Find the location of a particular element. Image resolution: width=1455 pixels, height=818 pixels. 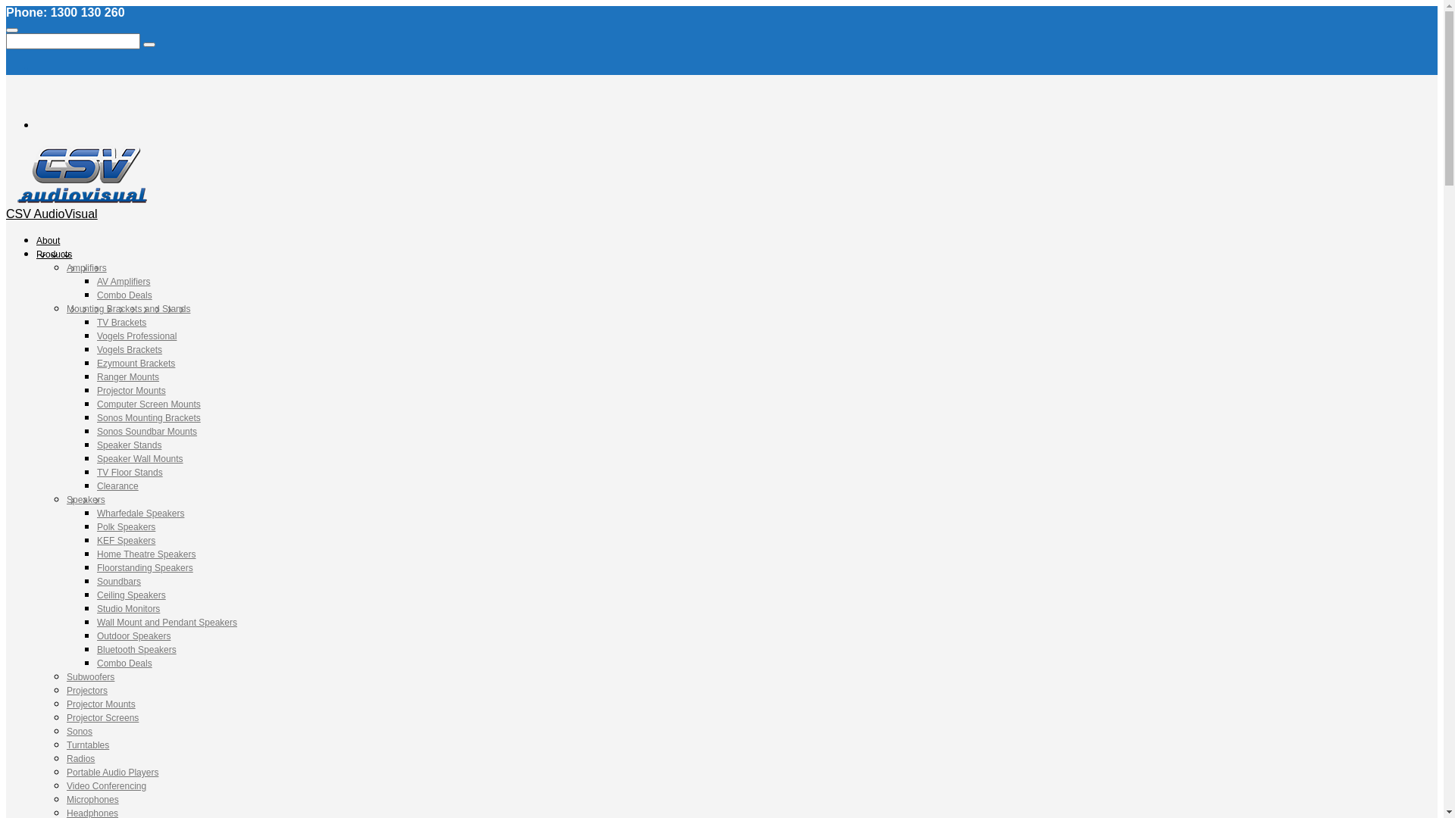

'Projector Screens' is located at coordinates (65, 717).